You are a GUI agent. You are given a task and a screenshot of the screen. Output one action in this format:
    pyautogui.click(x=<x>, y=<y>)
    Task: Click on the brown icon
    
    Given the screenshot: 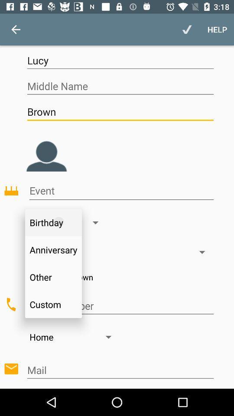 What is the action you would take?
    pyautogui.click(x=120, y=111)
    